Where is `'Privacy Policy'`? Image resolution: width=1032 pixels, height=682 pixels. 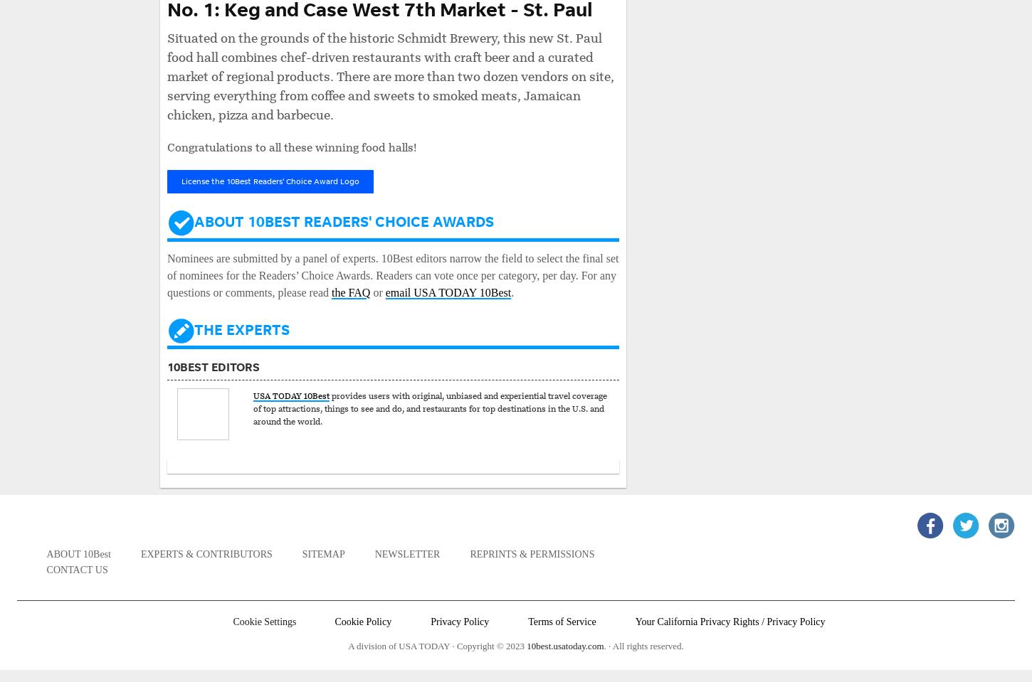 'Privacy Policy' is located at coordinates (458, 620).